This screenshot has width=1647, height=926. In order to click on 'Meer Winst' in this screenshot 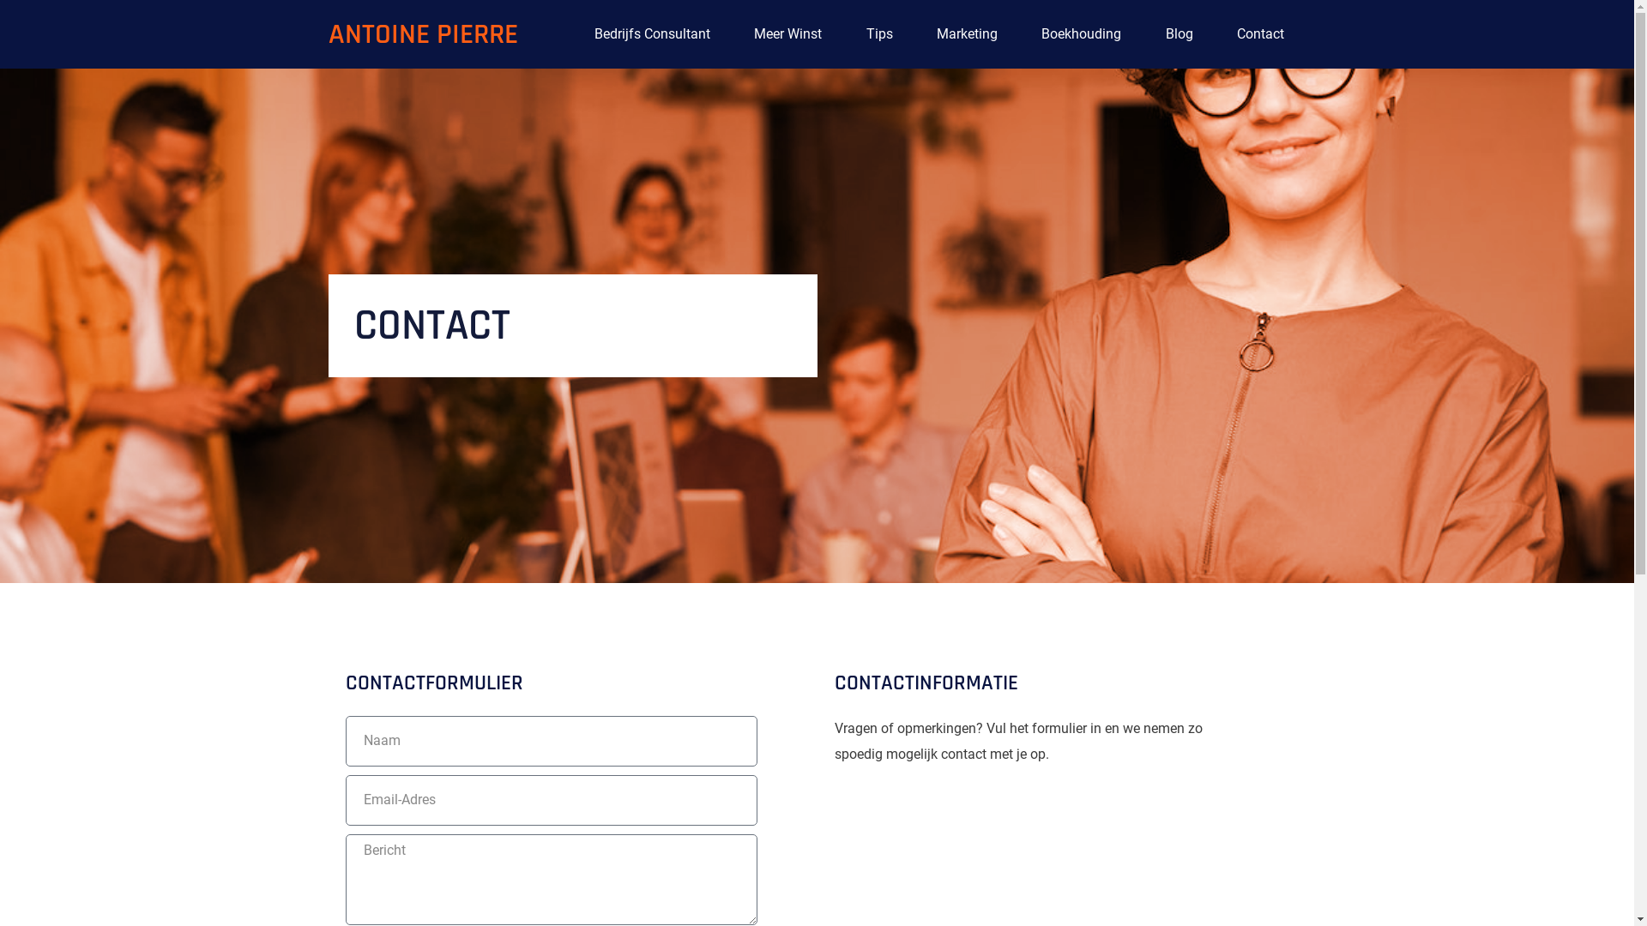, I will do `click(787, 33)`.